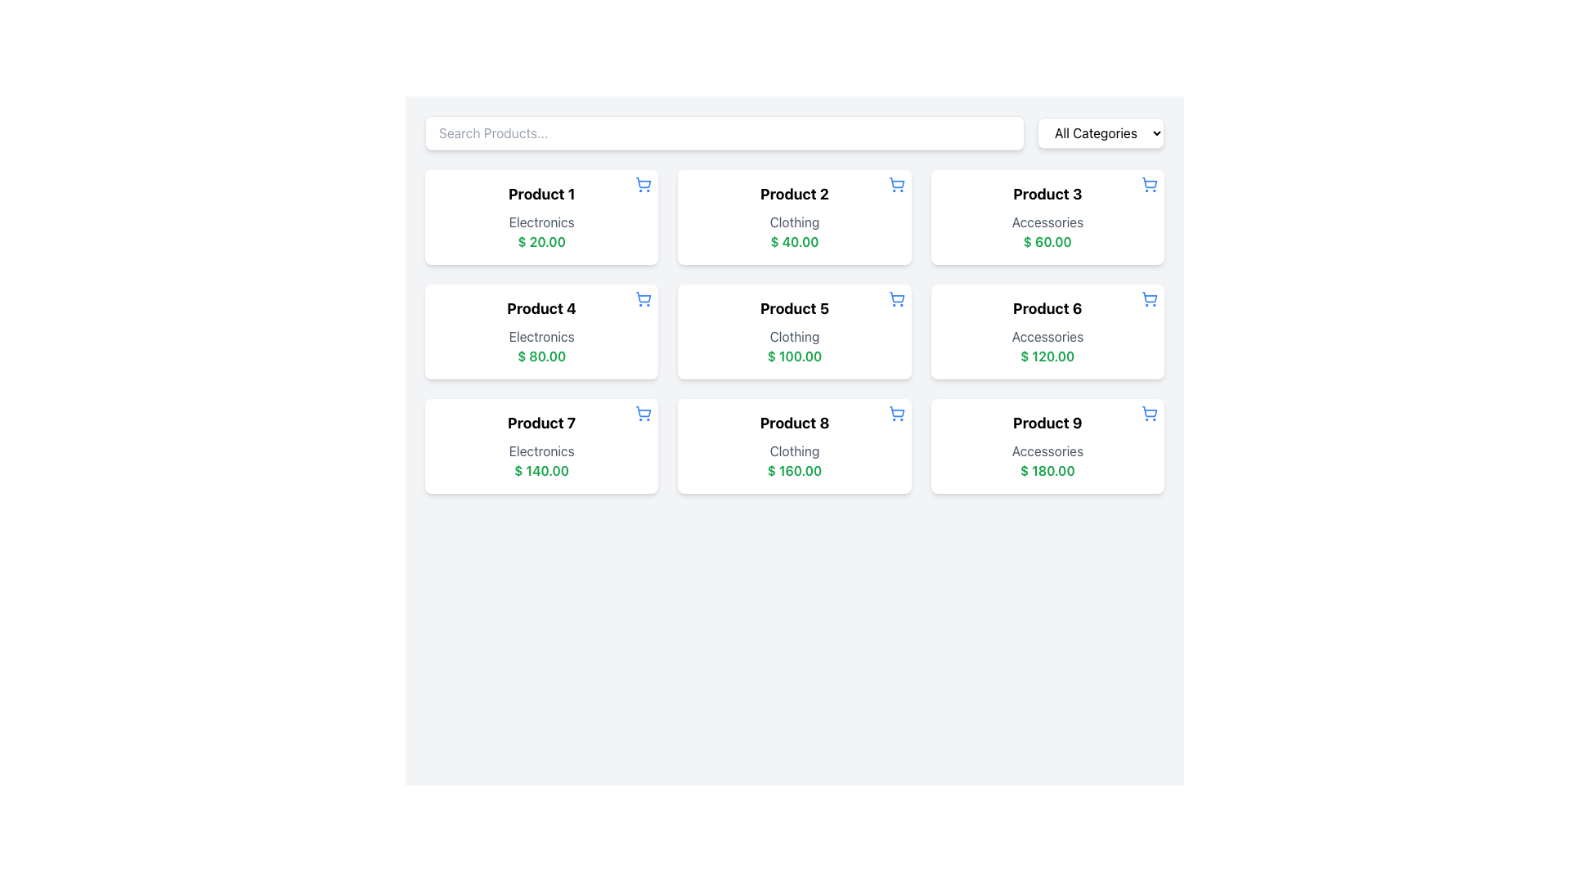  What do you see at coordinates (541, 450) in the screenshot?
I see `the text label stating 'Electronics', which is displayed in gray beneath the product title 'Product 7' and above the price label '$ 140.00'` at bounding box center [541, 450].